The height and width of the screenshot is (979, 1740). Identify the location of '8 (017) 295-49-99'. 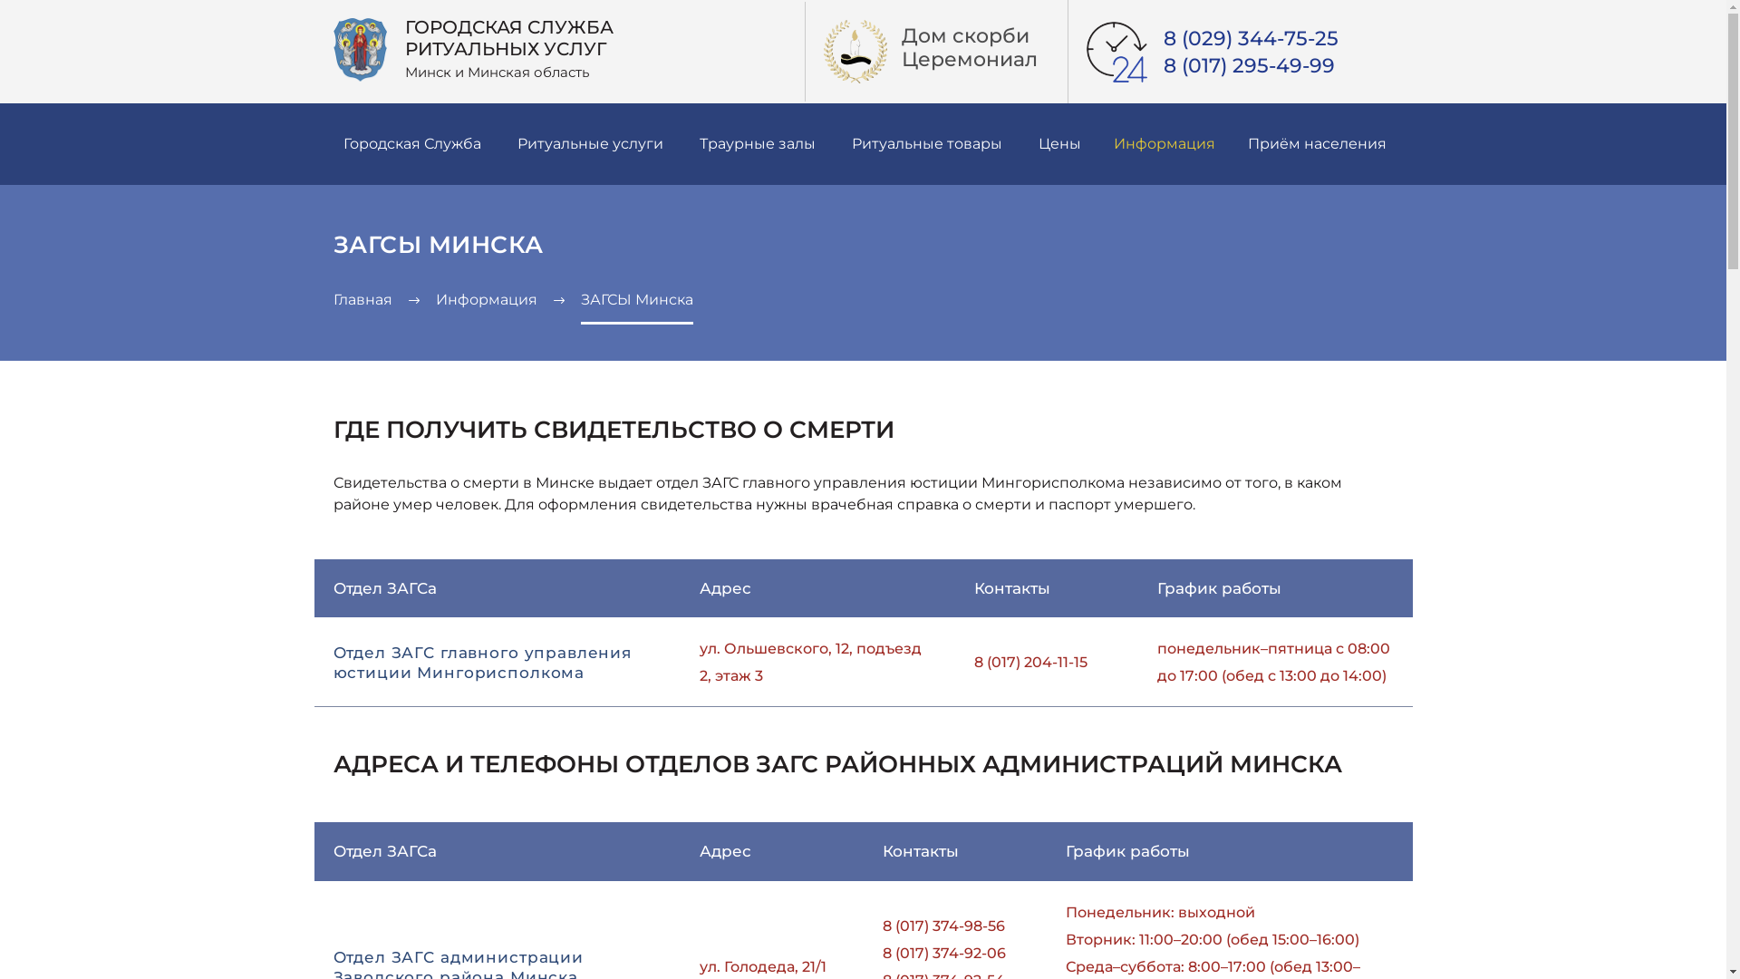
(1248, 65).